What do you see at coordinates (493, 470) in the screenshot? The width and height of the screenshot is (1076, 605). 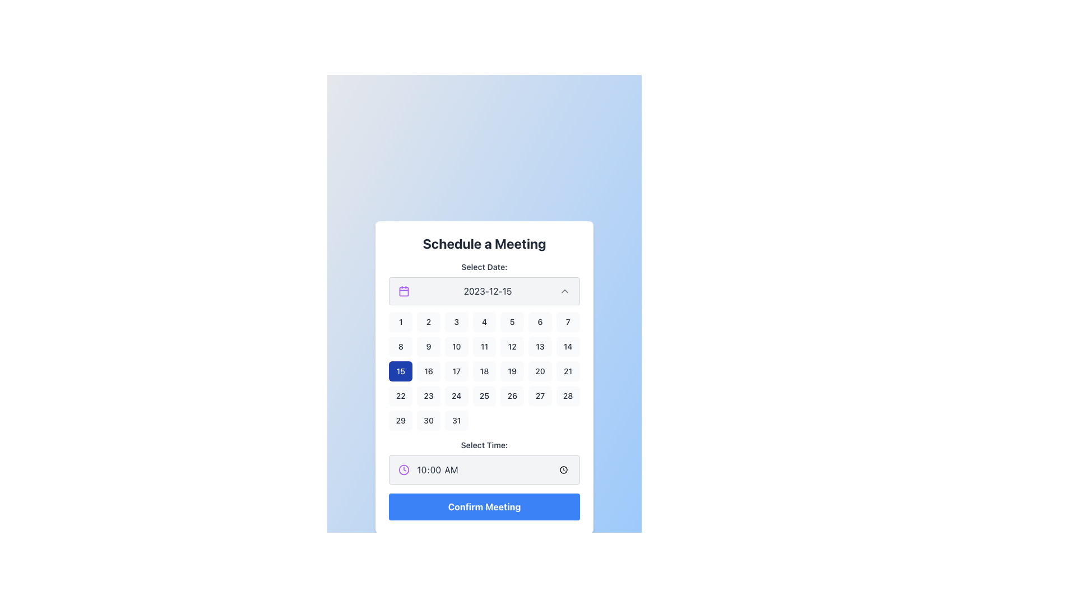 I see `the Time input field displaying '10:00 AM' to enter edit mode in the 'Schedule a Meeting' interface` at bounding box center [493, 470].